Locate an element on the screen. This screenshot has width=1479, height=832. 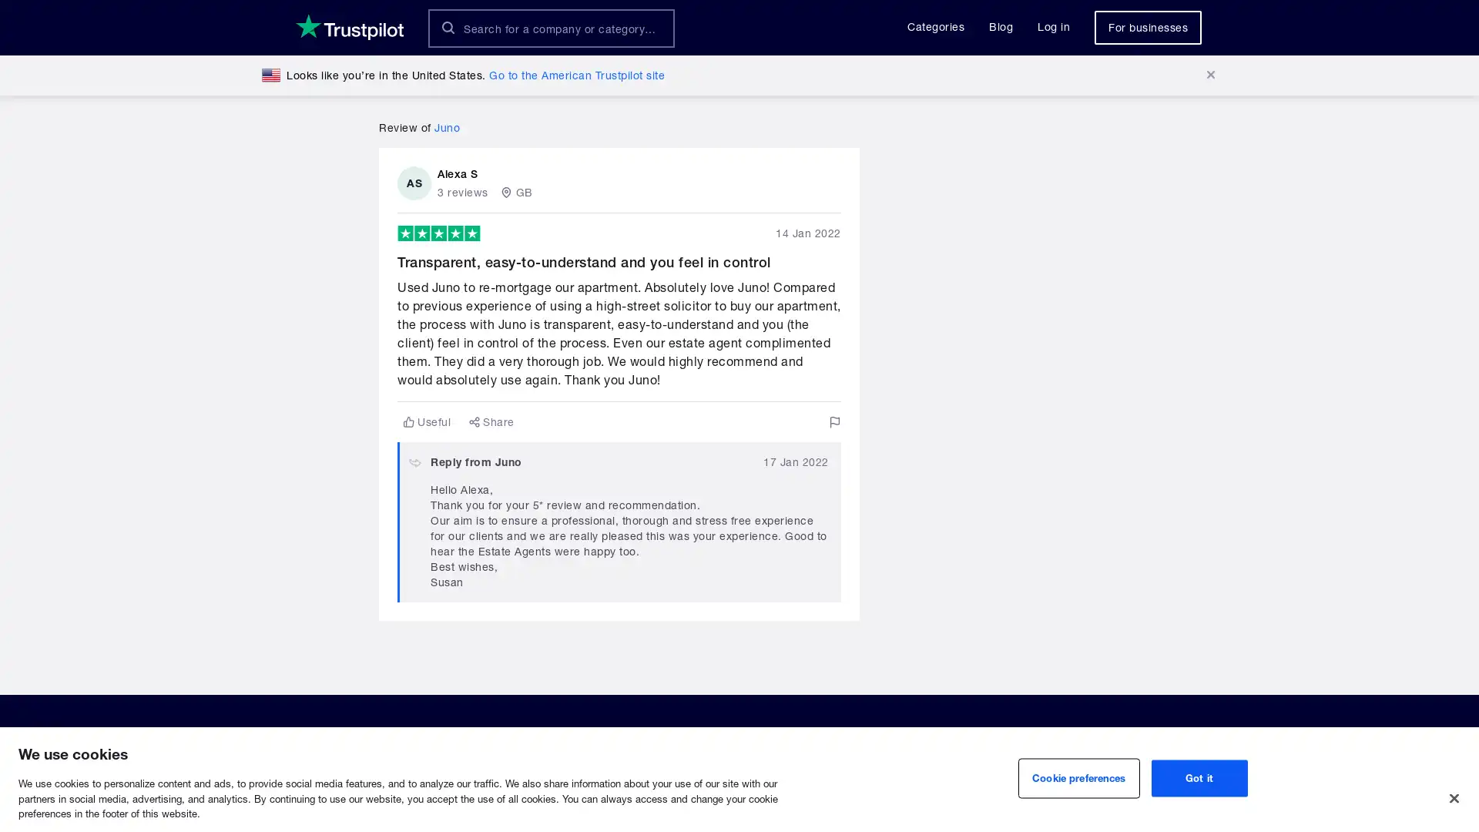
Cookie preferences is located at coordinates (1078, 778).